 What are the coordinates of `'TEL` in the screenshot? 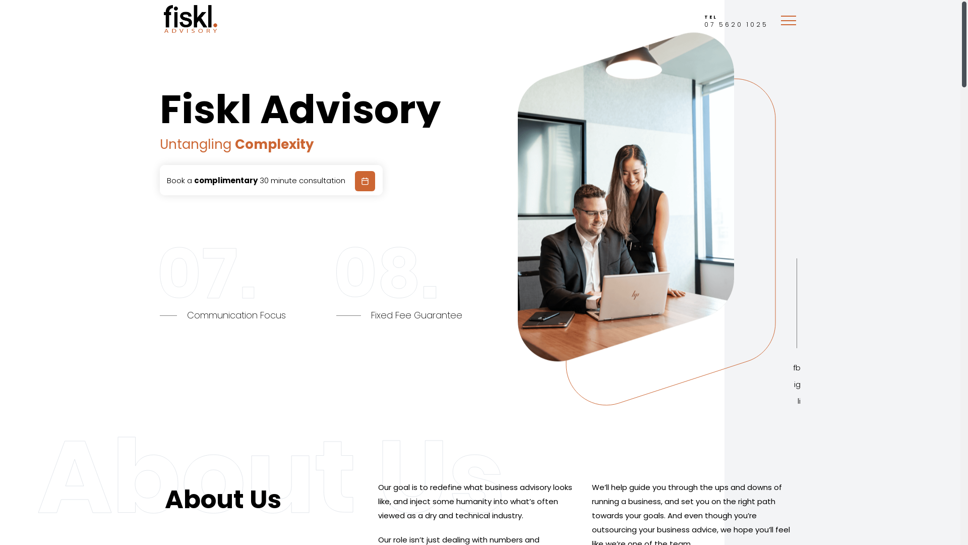 It's located at (703, 25).